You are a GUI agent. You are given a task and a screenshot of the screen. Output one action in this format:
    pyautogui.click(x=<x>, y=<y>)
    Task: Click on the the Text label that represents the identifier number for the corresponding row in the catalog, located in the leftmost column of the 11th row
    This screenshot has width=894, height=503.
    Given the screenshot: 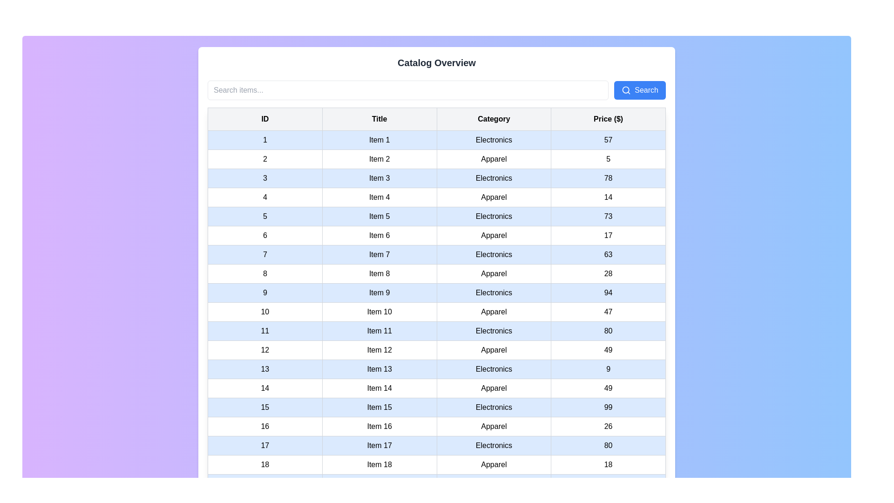 What is the action you would take?
    pyautogui.click(x=264, y=330)
    